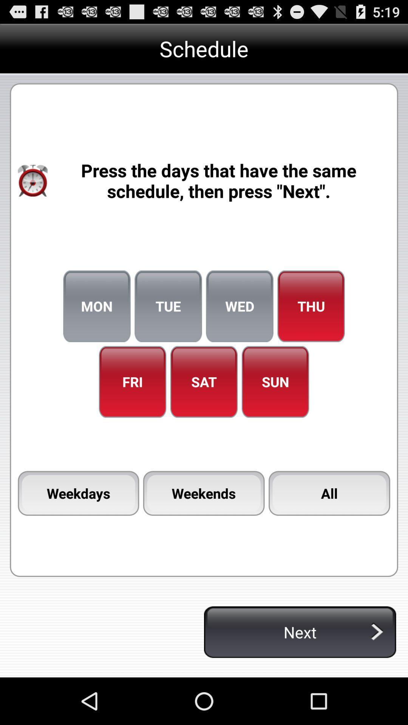 The height and width of the screenshot is (725, 408). Describe the element at coordinates (203, 493) in the screenshot. I see `the item at the bottom` at that location.